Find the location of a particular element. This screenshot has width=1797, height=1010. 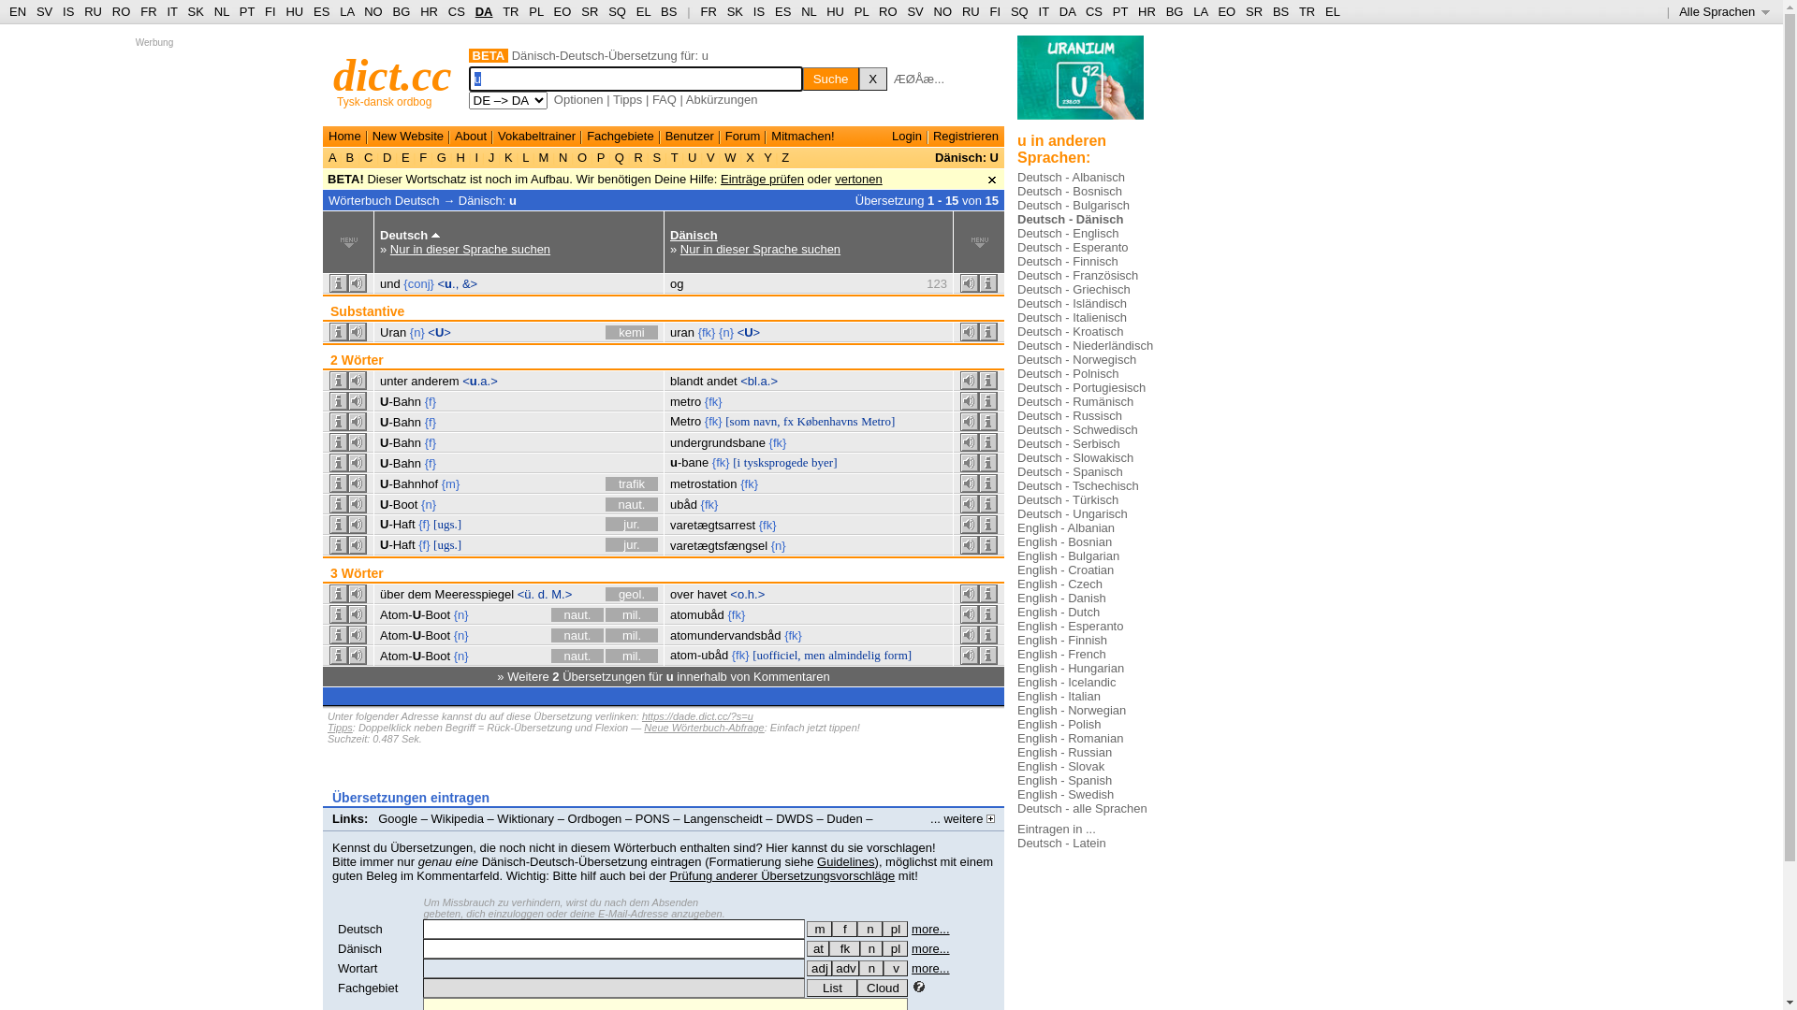

'Benutzer' is located at coordinates (665, 135).